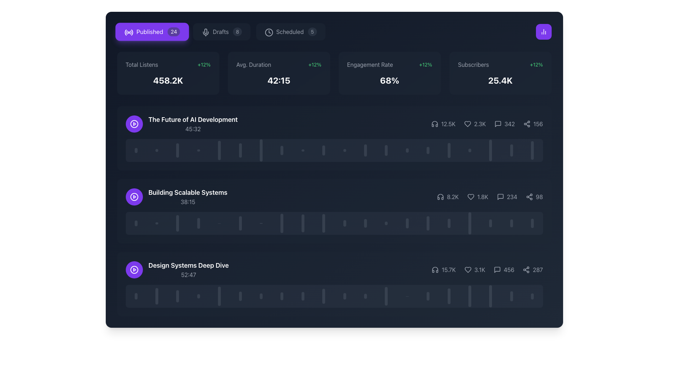 Image resolution: width=686 pixels, height=386 pixels. What do you see at coordinates (282, 223) in the screenshot?
I see `the 8th vertical progress indicator bar in the 'Building Scalable Systems' row, which has a dark gray color and a translucent style` at bounding box center [282, 223].